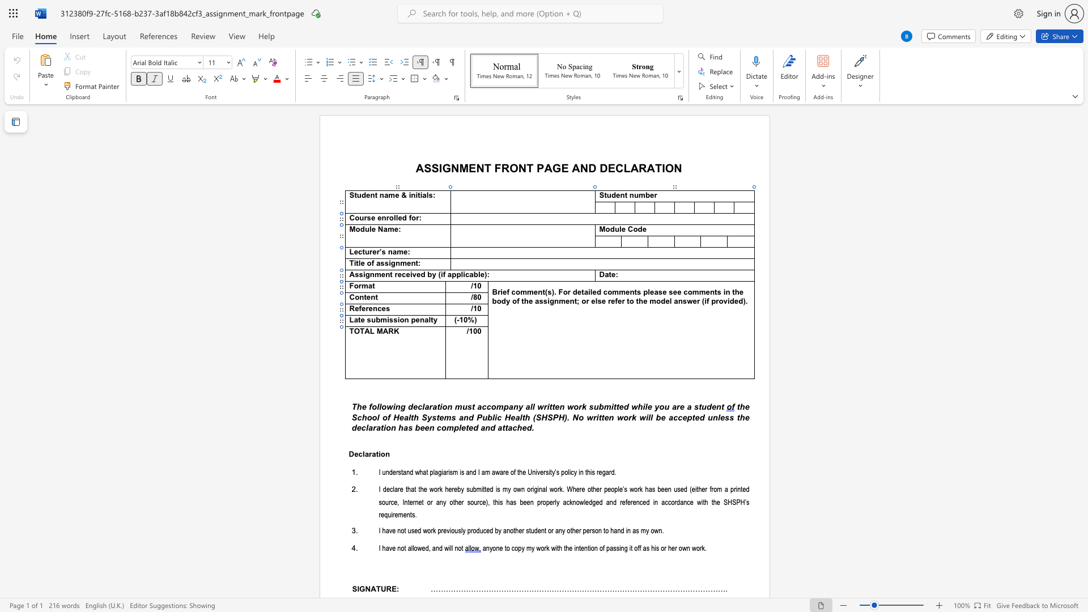 This screenshot has height=612, width=1088. I want to click on the 3th character "o" in the text, so click(413, 218).